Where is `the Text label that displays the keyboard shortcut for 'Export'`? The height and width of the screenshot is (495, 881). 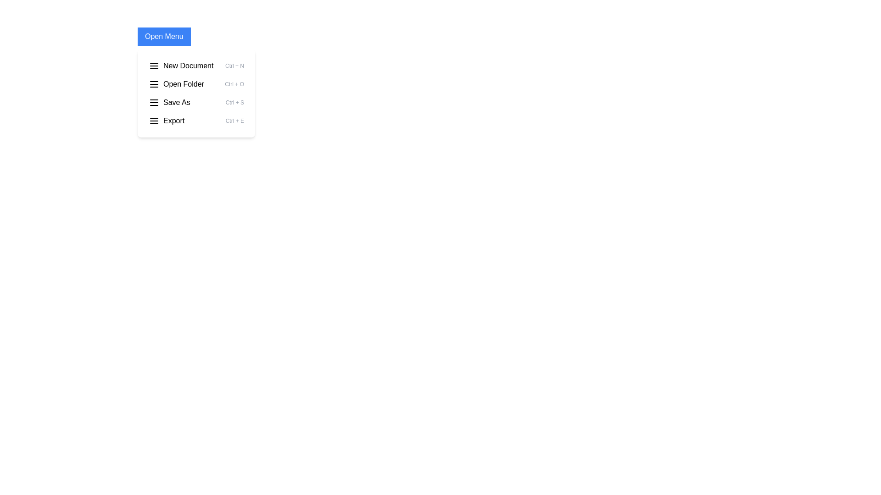
the Text label that displays the keyboard shortcut for 'Export' is located at coordinates (234, 120).